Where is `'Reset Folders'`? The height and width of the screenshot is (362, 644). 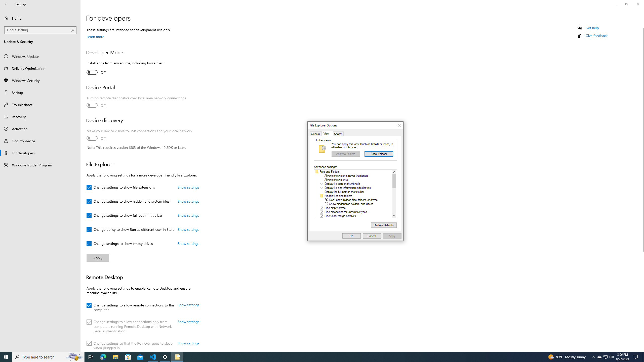 'Reset Folders' is located at coordinates (379, 154).